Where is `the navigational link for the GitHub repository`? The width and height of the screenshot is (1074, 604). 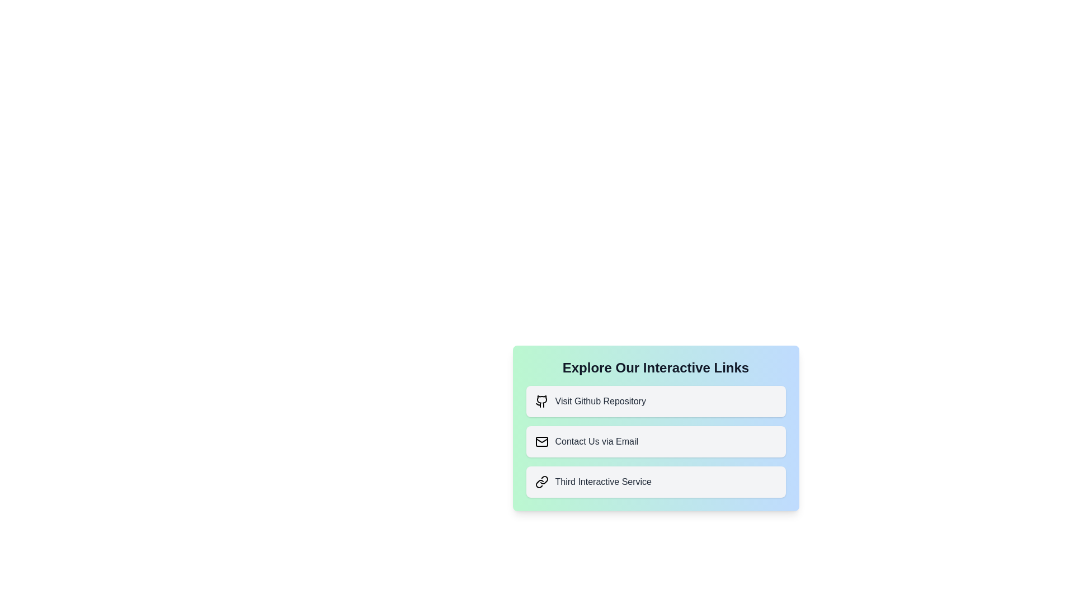
the navigational link for the GitHub repository is located at coordinates (656, 400).